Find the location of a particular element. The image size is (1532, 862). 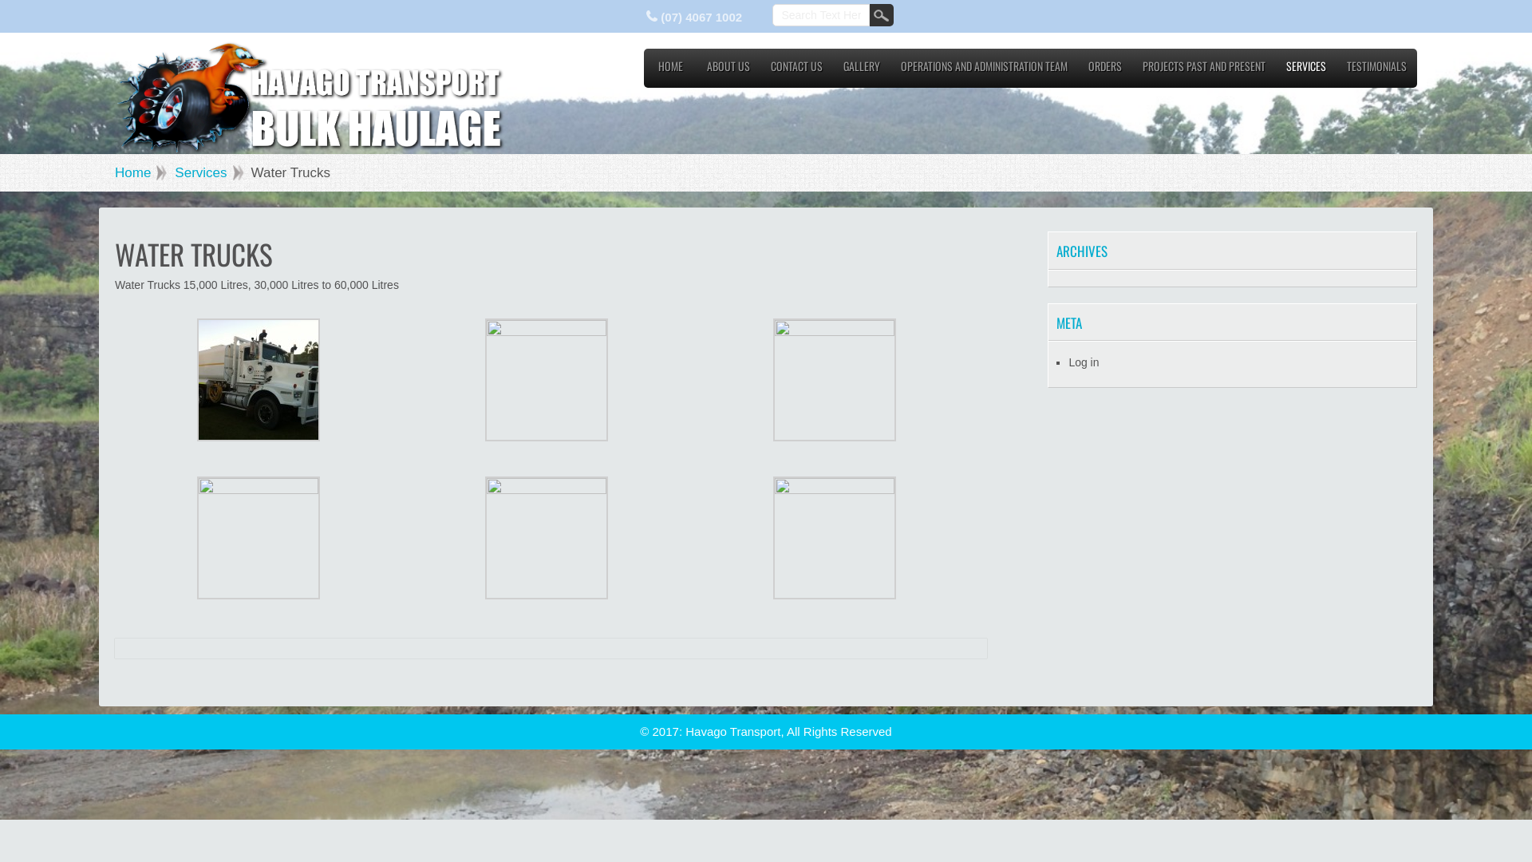

'PROJECTS PAST AND PRESENT' is located at coordinates (1203, 69).